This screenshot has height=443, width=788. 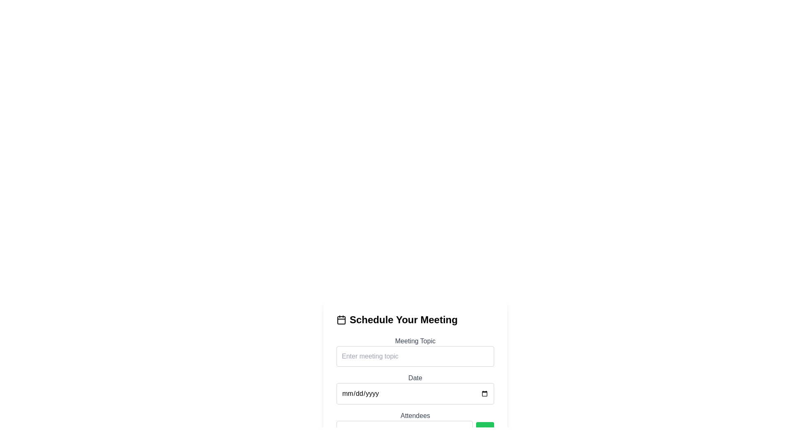 What do you see at coordinates (415, 416) in the screenshot?
I see `the 'Attendees' static text label, which is displayed in a medium-sized sans-serif font and is gray in color, located in the 'Schedule Your Meeting' section above the attendee email input field` at bounding box center [415, 416].